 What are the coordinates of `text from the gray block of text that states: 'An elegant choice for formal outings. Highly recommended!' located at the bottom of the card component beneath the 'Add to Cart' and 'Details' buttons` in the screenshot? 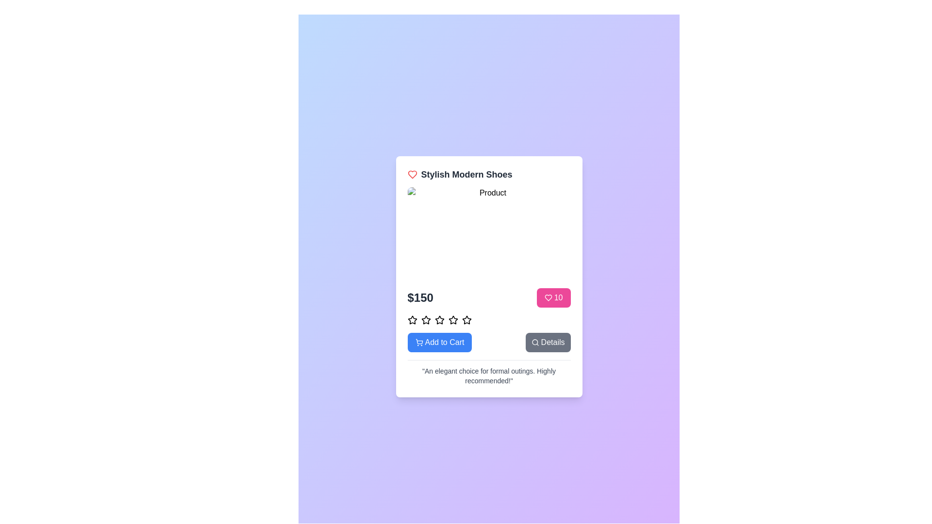 It's located at (489, 375).